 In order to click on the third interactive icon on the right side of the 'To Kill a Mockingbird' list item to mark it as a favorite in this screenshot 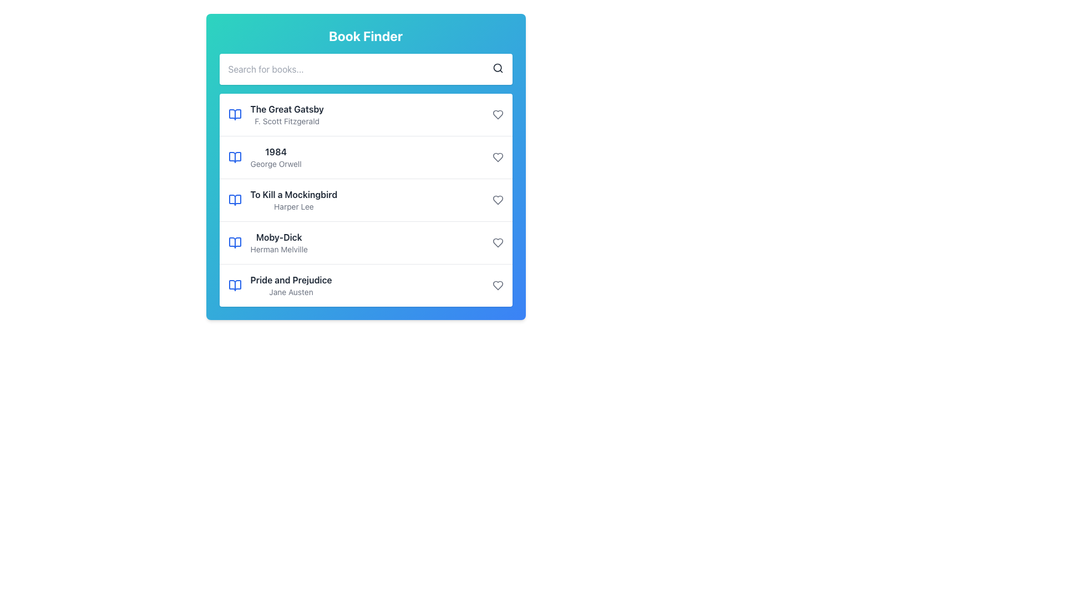, I will do `click(497, 200)`.